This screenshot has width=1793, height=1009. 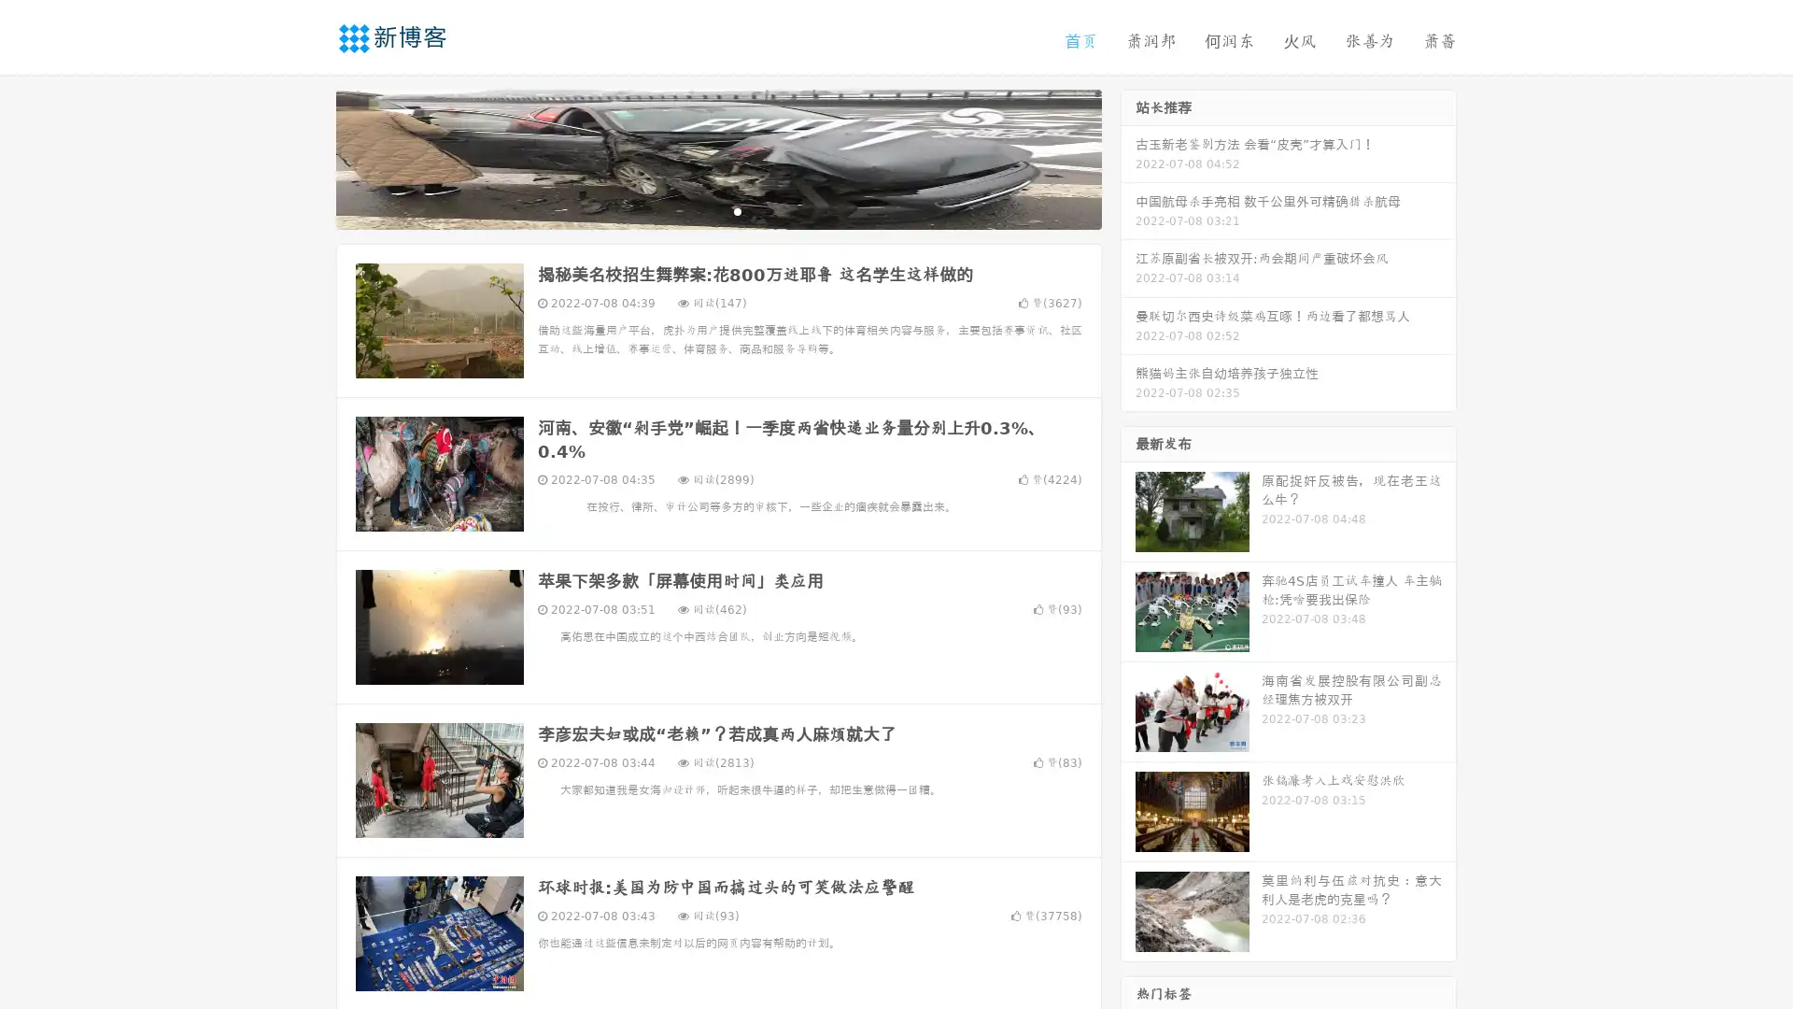 What do you see at coordinates (308, 157) in the screenshot?
I see `Previous slide` at bounding box center [308, 157].